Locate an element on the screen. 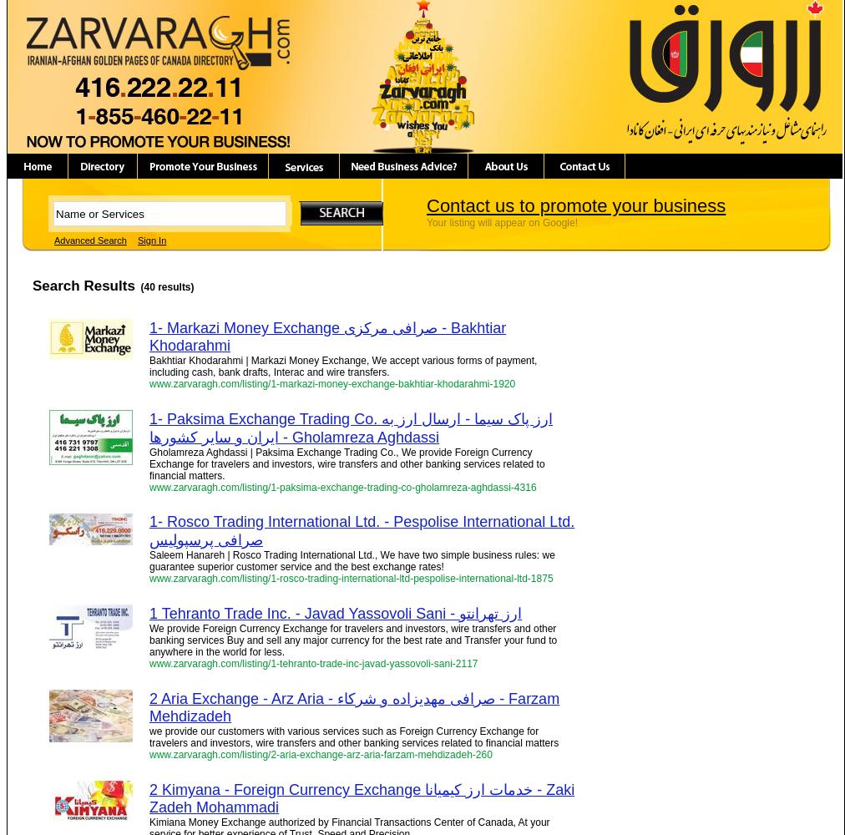 Image resolution: width=845 pixels, height=835 pixels. 'Sign In' is located at coordinates (151, 240).